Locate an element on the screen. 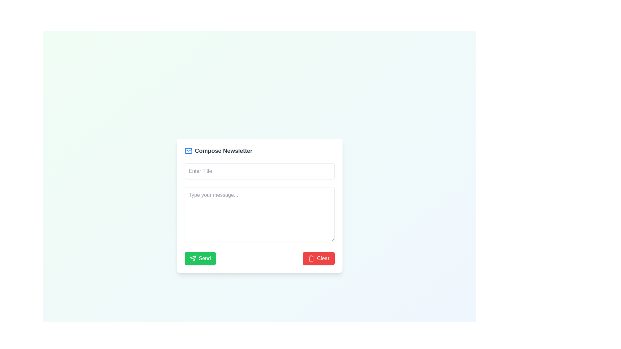 The image size is (621, 349). the delete icon located within the red 'Clear' button at the bottom-right corner of the form interface is located at coordinates (311, 258).